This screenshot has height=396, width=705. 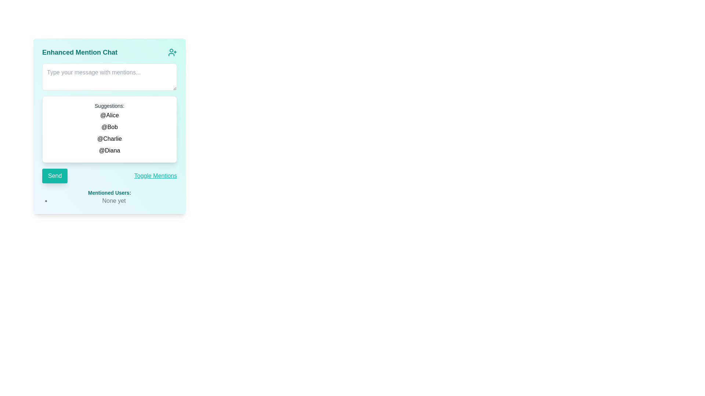 What do you see at coordinates (109, 115) in the screenshot?
I see `the first suggestion in the list under the header 'Suggestions:' by left clicking on it` at bounding box center [109, 115].